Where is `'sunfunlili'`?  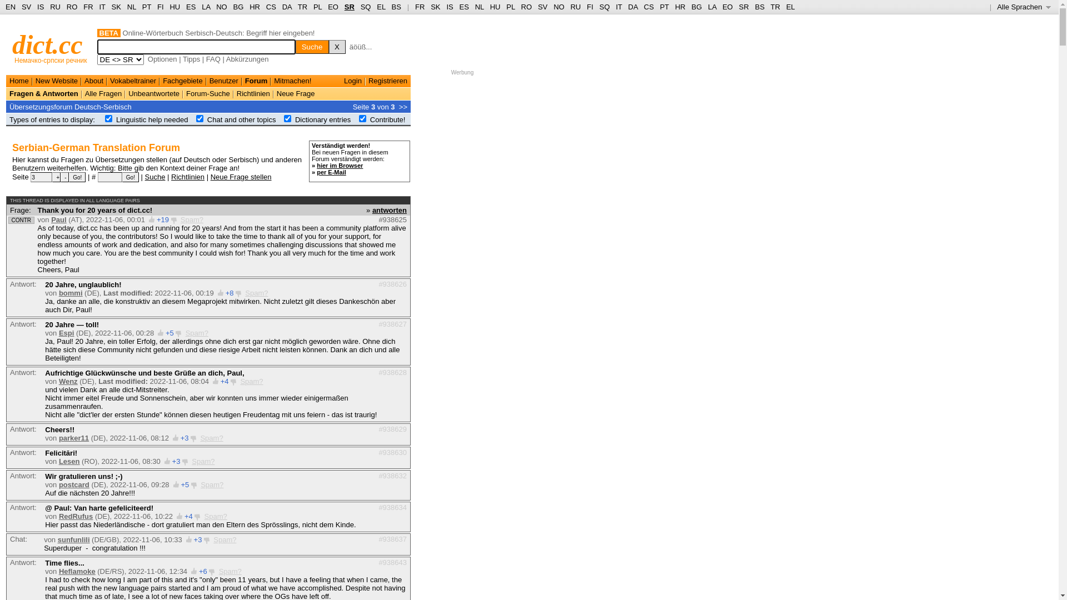
'sunfunlili' is located at coordinates (73, 539).